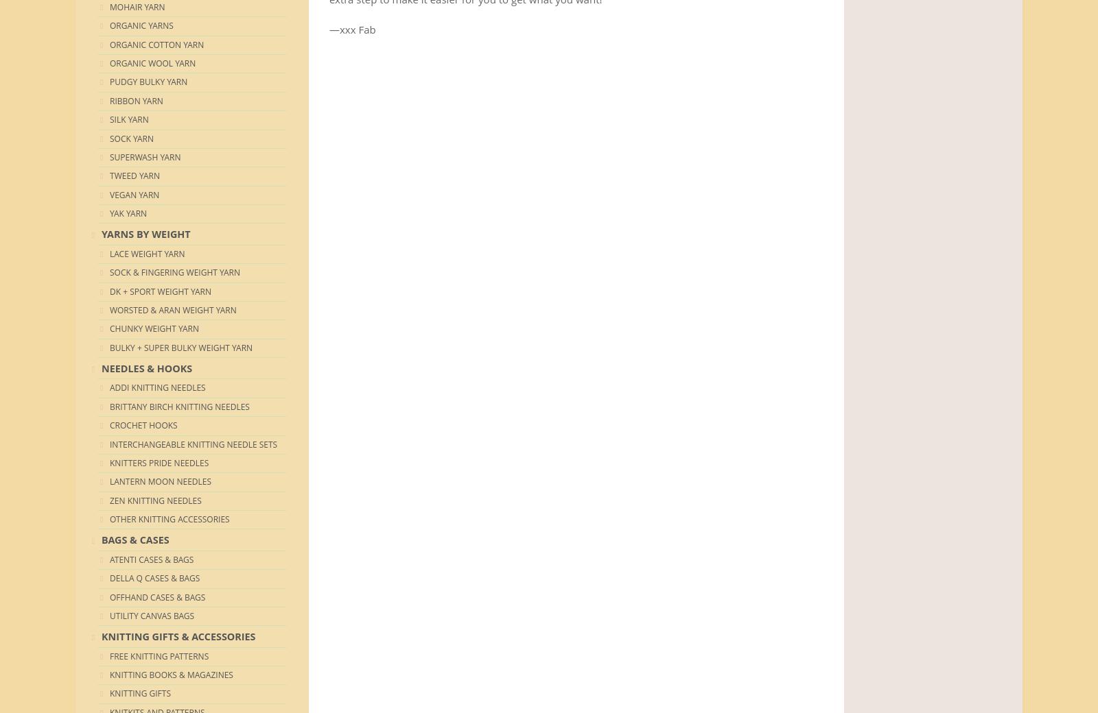 Image resolution: width=1098 pixels, height=713 pixels. I want to click on 'Interchangeable Knitting Needle Sets', so click(109, 443).